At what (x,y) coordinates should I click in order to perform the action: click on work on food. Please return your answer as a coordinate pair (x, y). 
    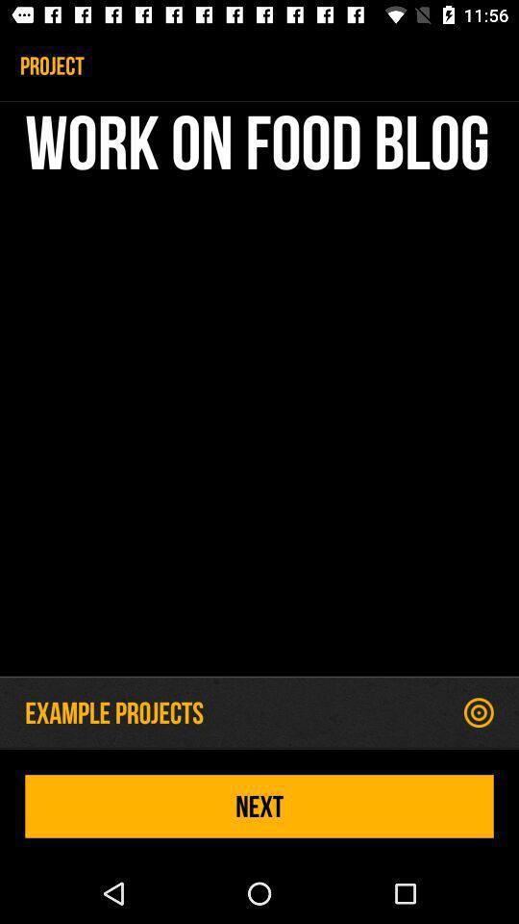
    Looking at the image, I should click on (259, 392).